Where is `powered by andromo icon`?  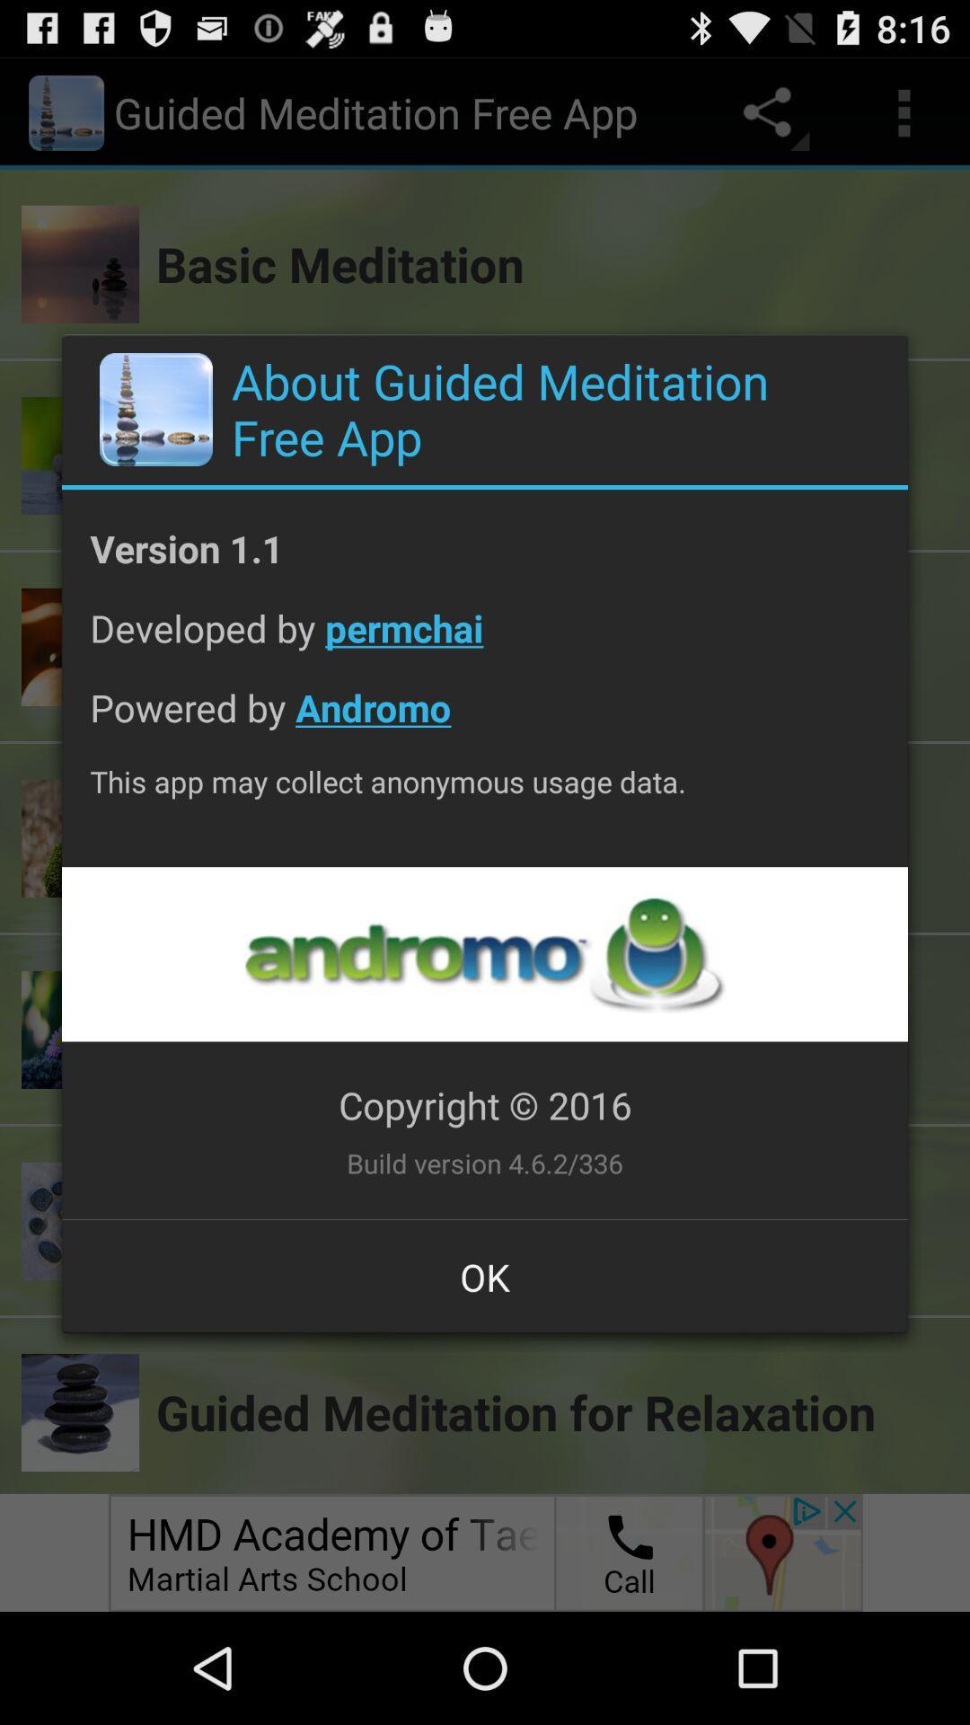 powered by andromo icon is located at coordinates (485, 721).